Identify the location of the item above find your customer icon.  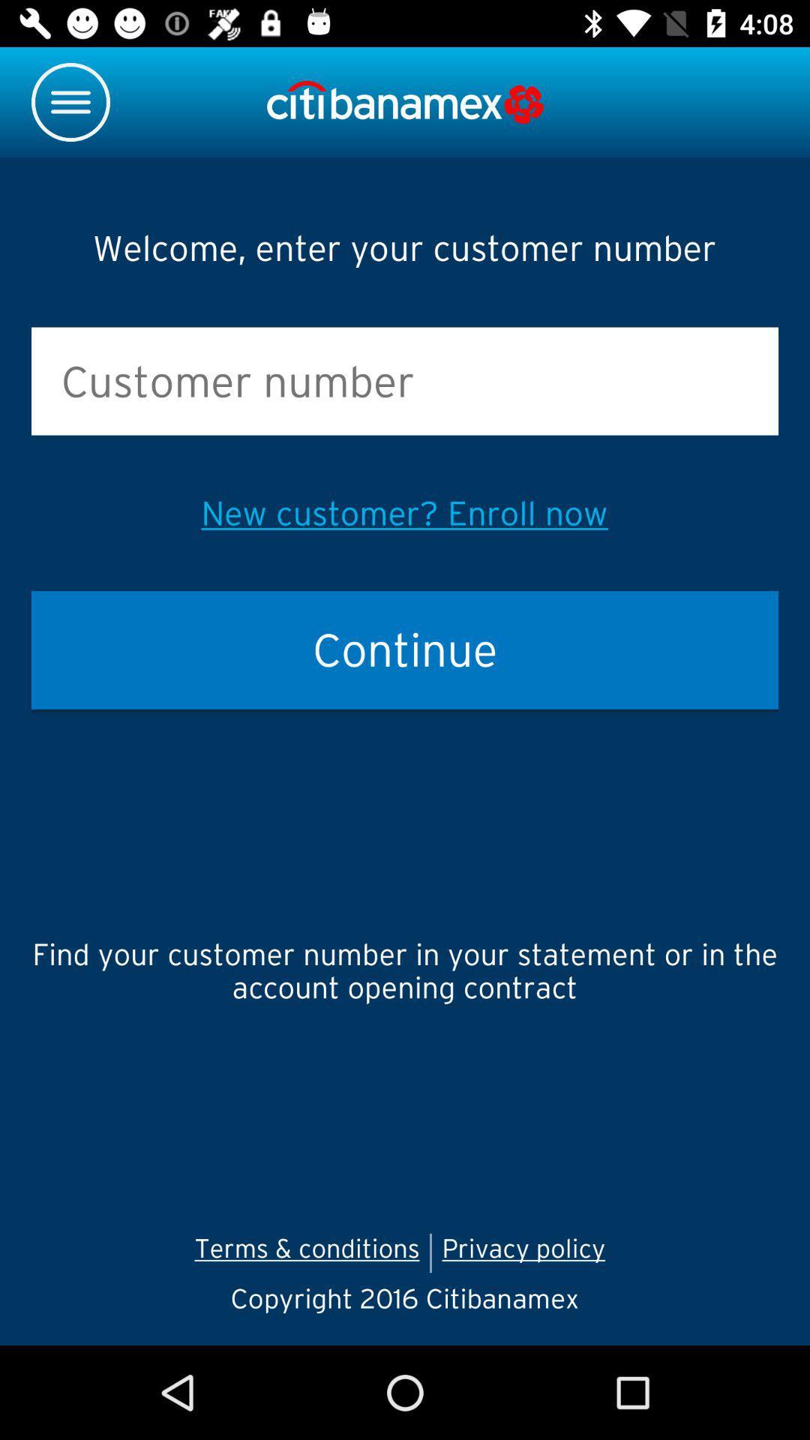
(405, 650).